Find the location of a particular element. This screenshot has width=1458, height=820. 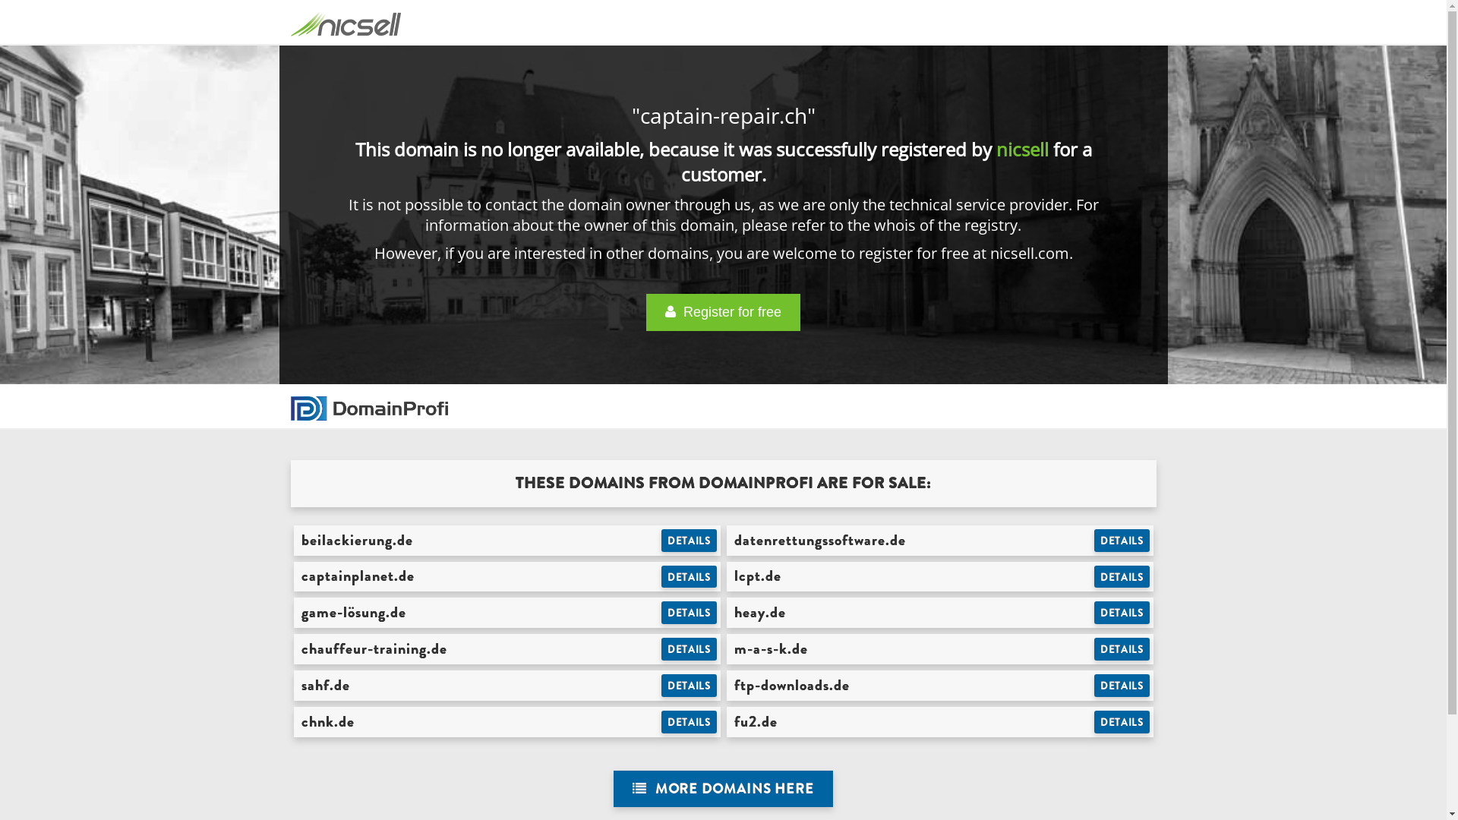

'DETAILS' is located at coordinates (1122, 576).